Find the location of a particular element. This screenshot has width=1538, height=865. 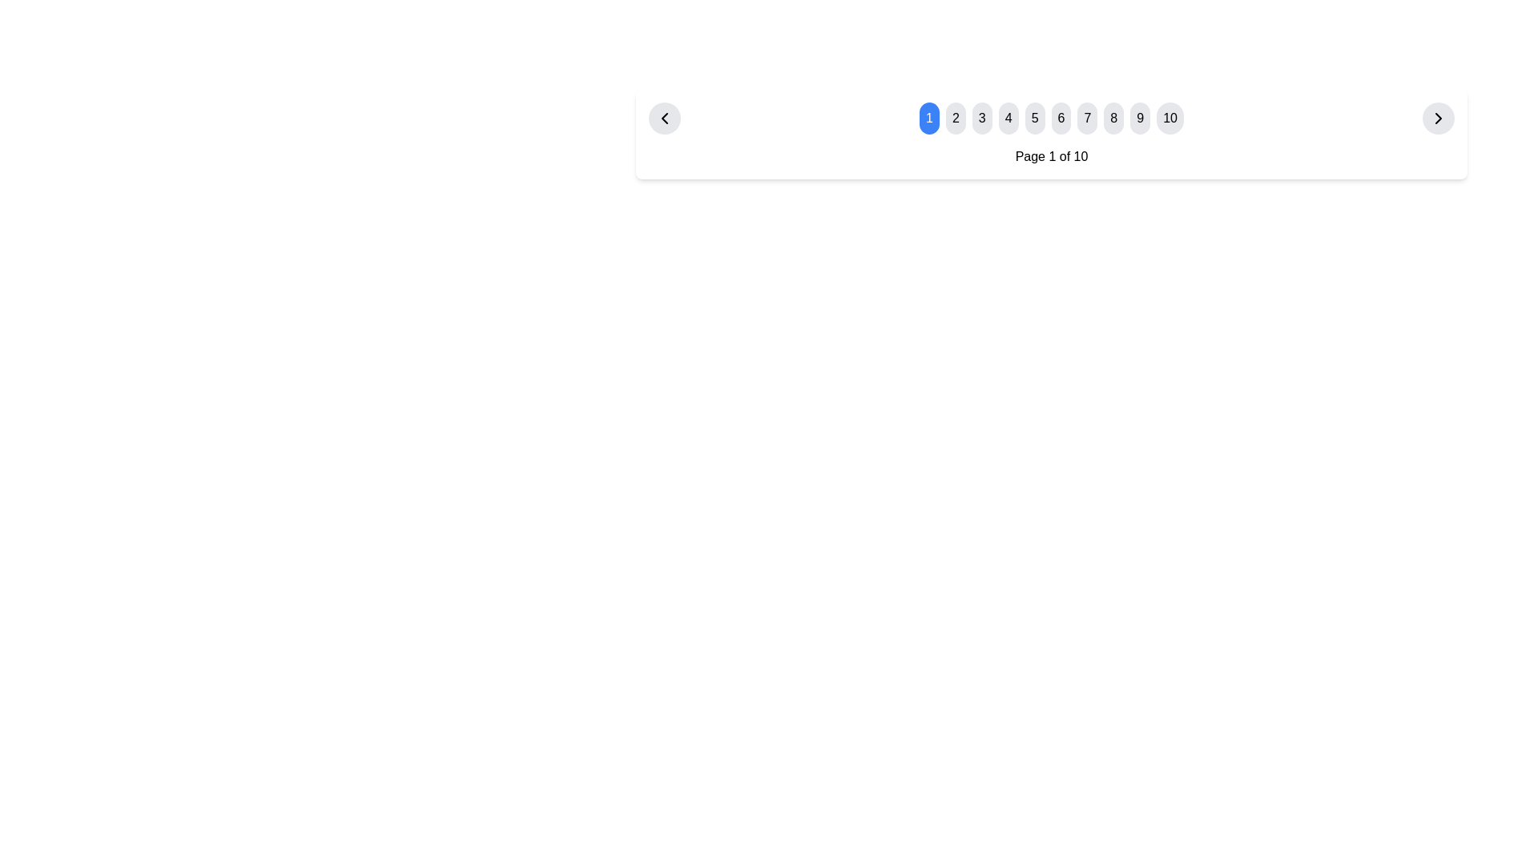

the left-facing chevron arrow icon located on the leftmost side of the horizontal pagination bar is located at coordinates (665, 117).